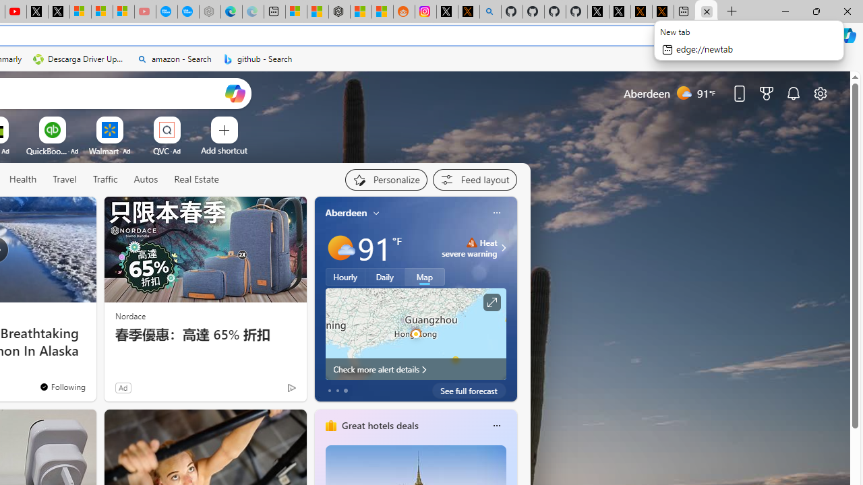  Describe the element at coordinates (819, 92) in the screenshot. I see `'Page settings'` at that location.